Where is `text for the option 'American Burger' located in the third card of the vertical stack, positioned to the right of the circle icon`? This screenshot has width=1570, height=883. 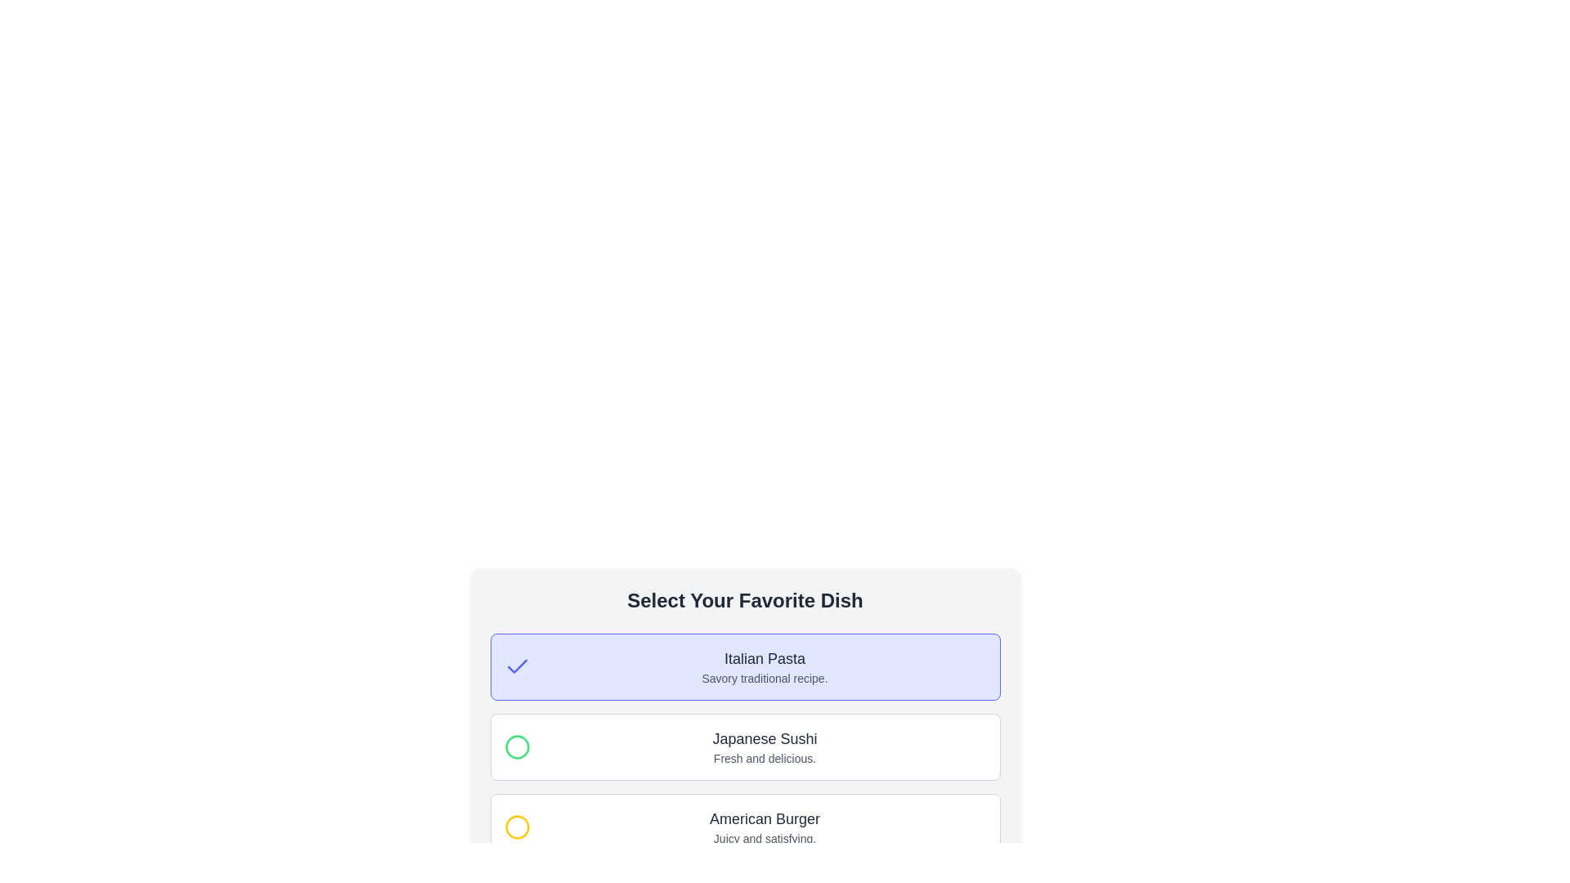 text for the option 'American Burger' located in the third card of the vertical stack, positioned to the right of the circle icon is located at coordinates (764, 827).